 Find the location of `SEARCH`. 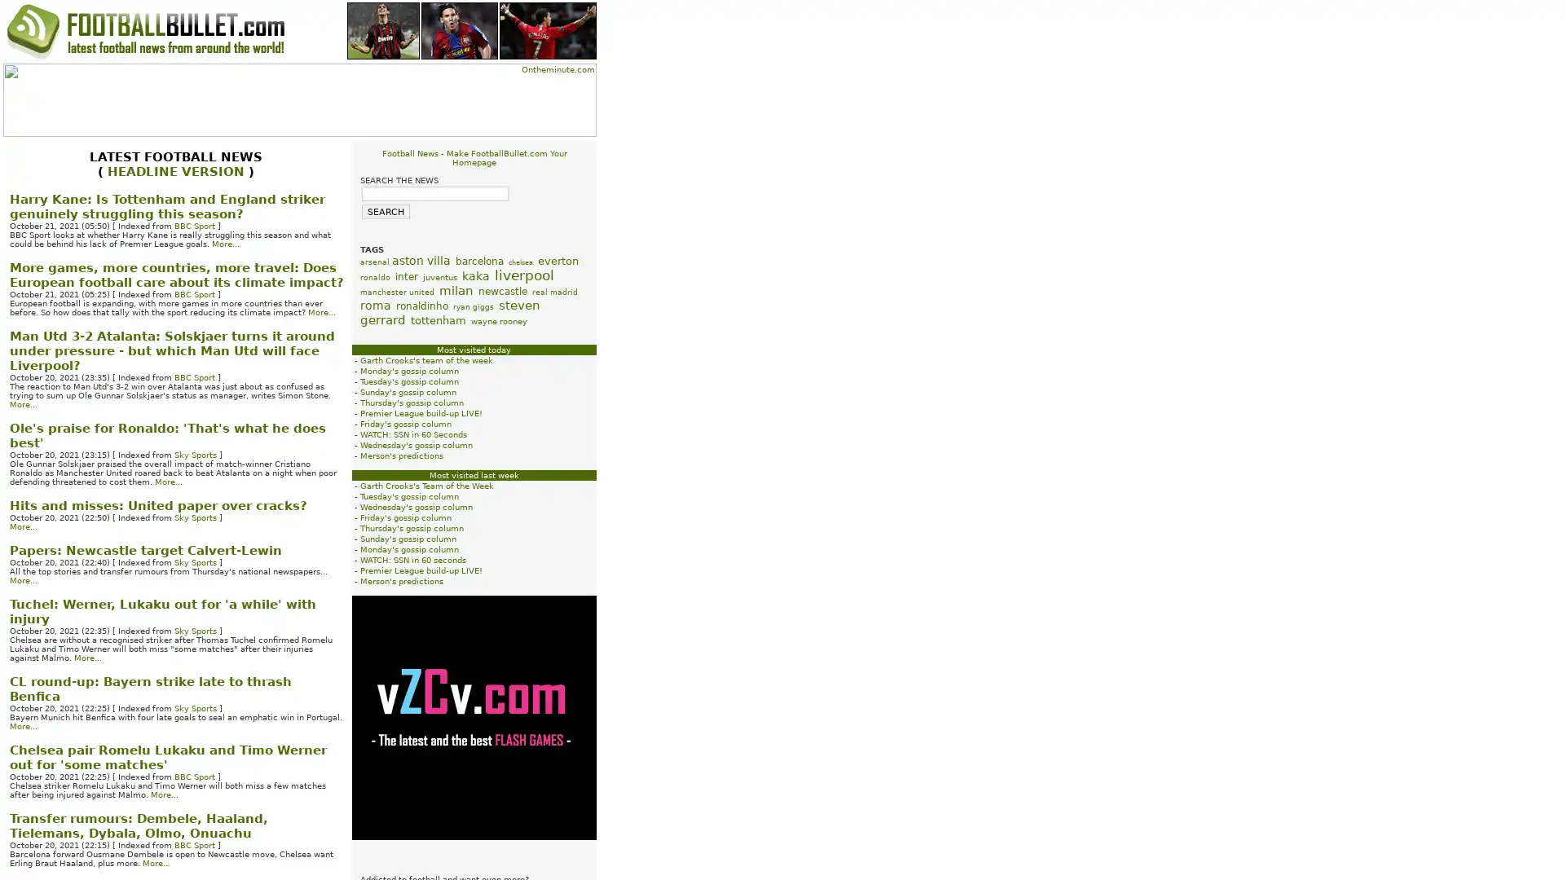

SEARCH is located at coordinates (385, 210).